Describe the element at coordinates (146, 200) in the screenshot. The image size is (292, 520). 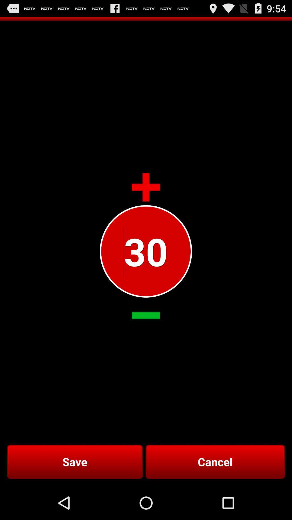
I see `the add icon` at that location.